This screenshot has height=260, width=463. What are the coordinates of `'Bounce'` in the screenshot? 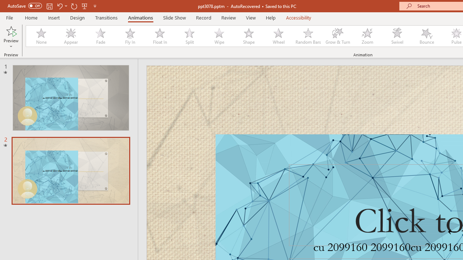 It's located at (427, 36).